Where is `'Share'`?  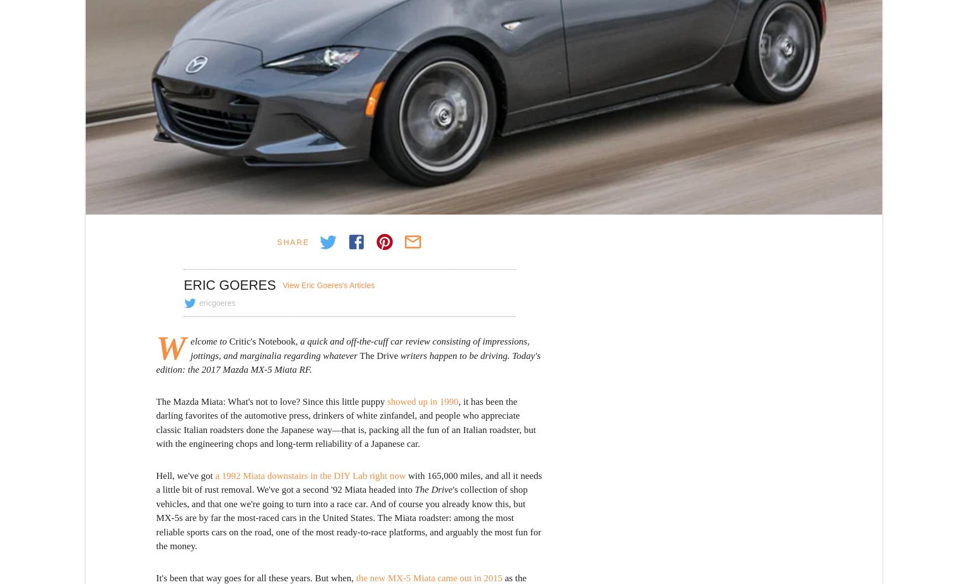 'Share' is located at coordinates (292, 241).